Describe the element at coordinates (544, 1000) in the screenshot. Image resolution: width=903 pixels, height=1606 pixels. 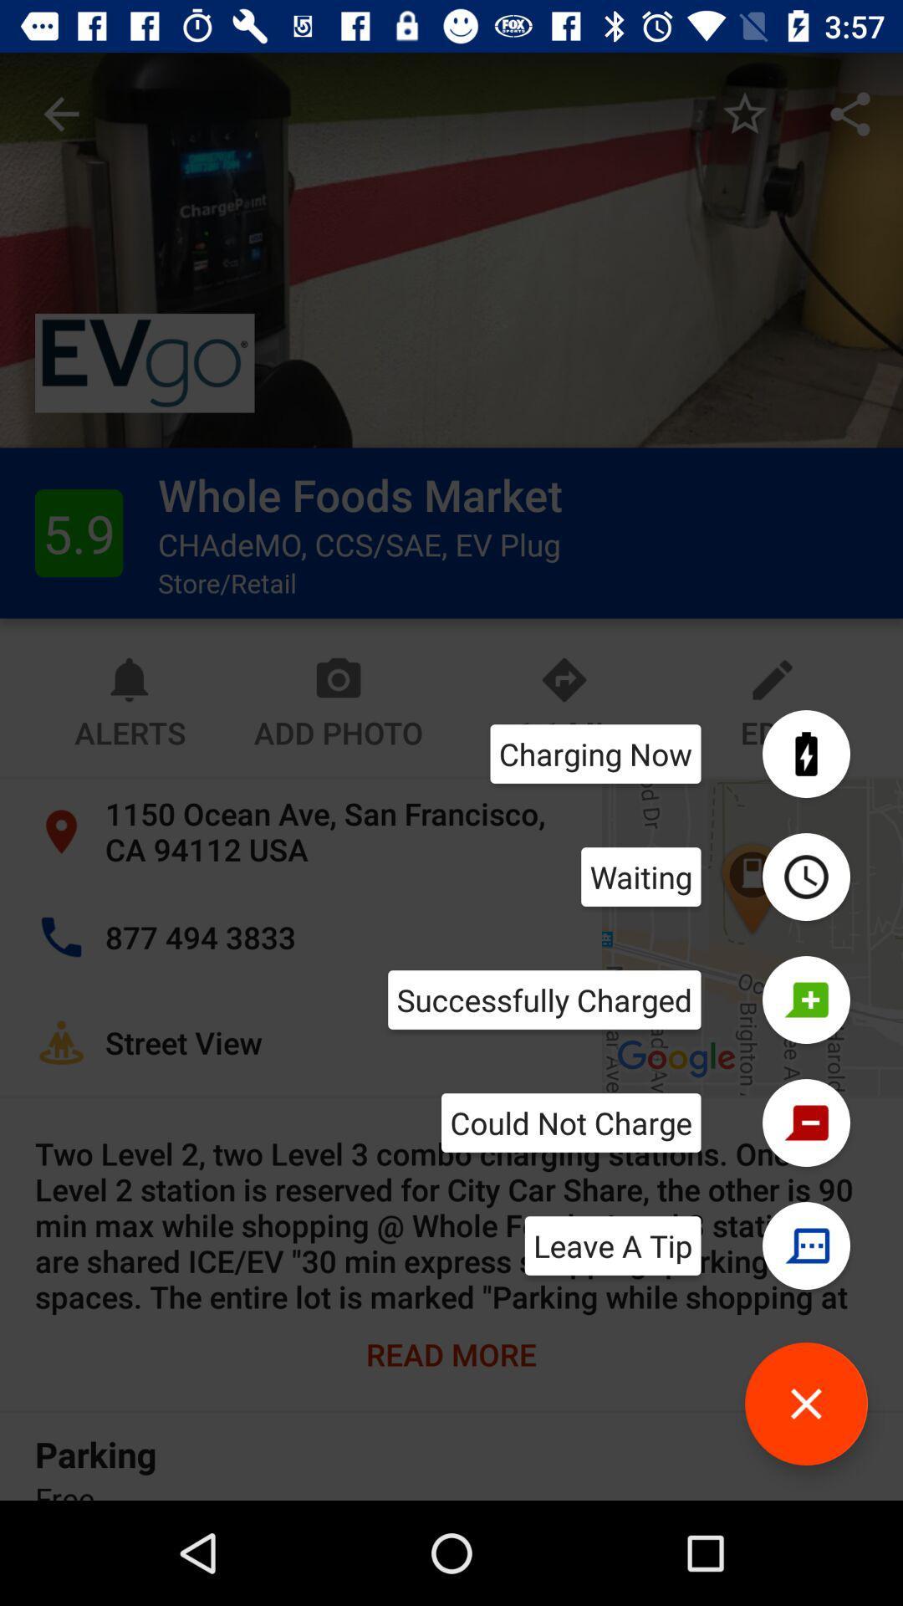
I see `the item above could not charge` at that location.